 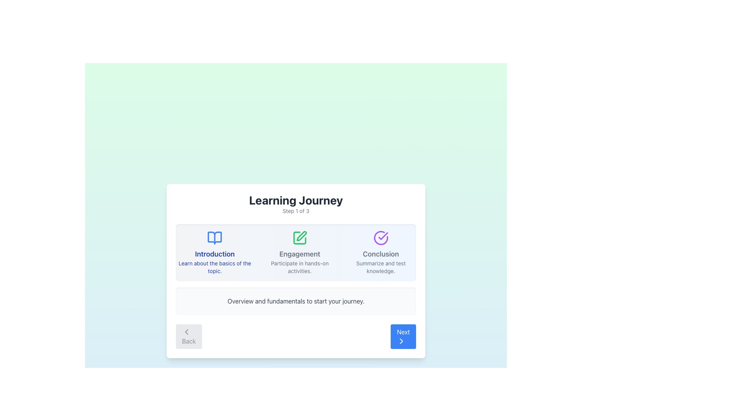 What do you see at coordinates (189, 336) in the screenshot?
I see `the 'Back' button with a light gray background and rounded corners, which includes a left-pointing chevron icon above the word 'Back'` at bounding box center [189, 336].